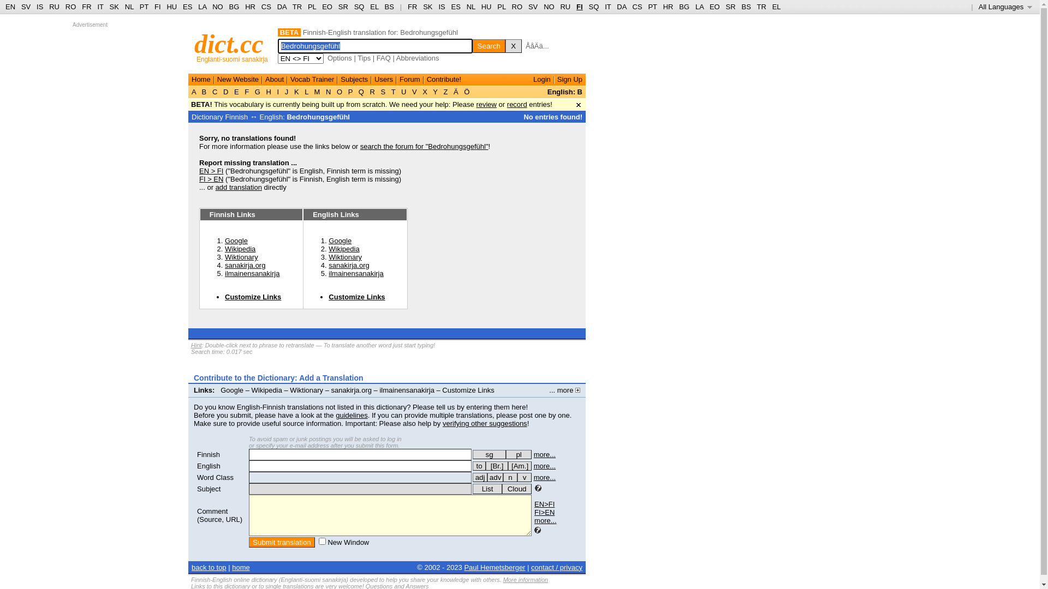 The height and width of the screenshot is (589, 1048). Describe the element at coordinates (547, 91) in the screenshot. I see `'English: B'` at that location.